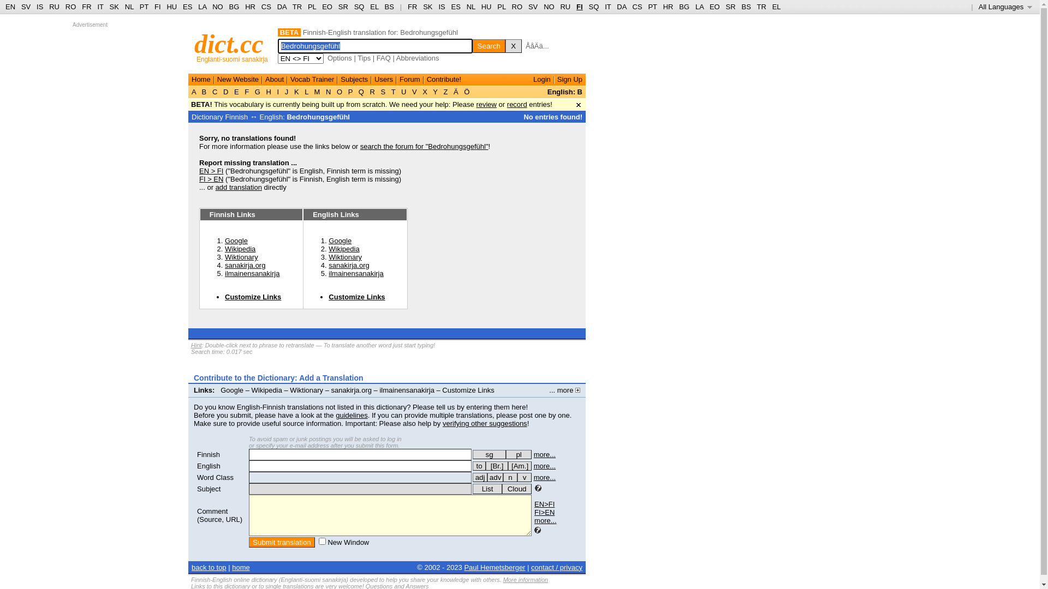 The height and width of the screenshot is (589, 1048). Describe the element at coordinates (547, 91) in the screenshot. I see `'English: B'` at that location.